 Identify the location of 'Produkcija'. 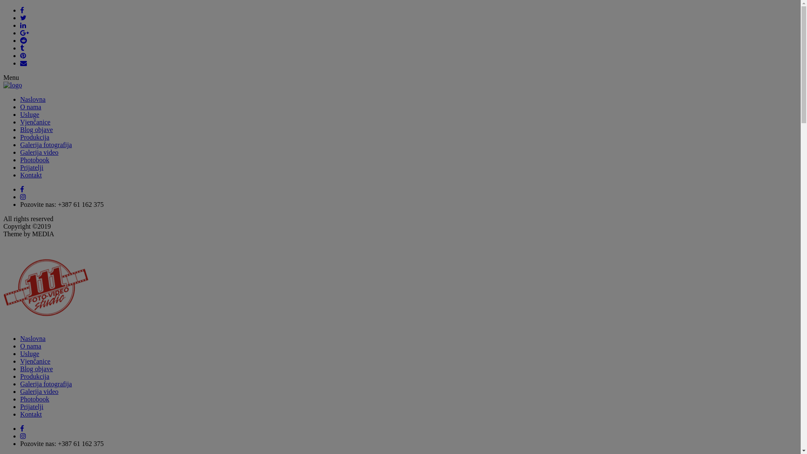
(34, 137).